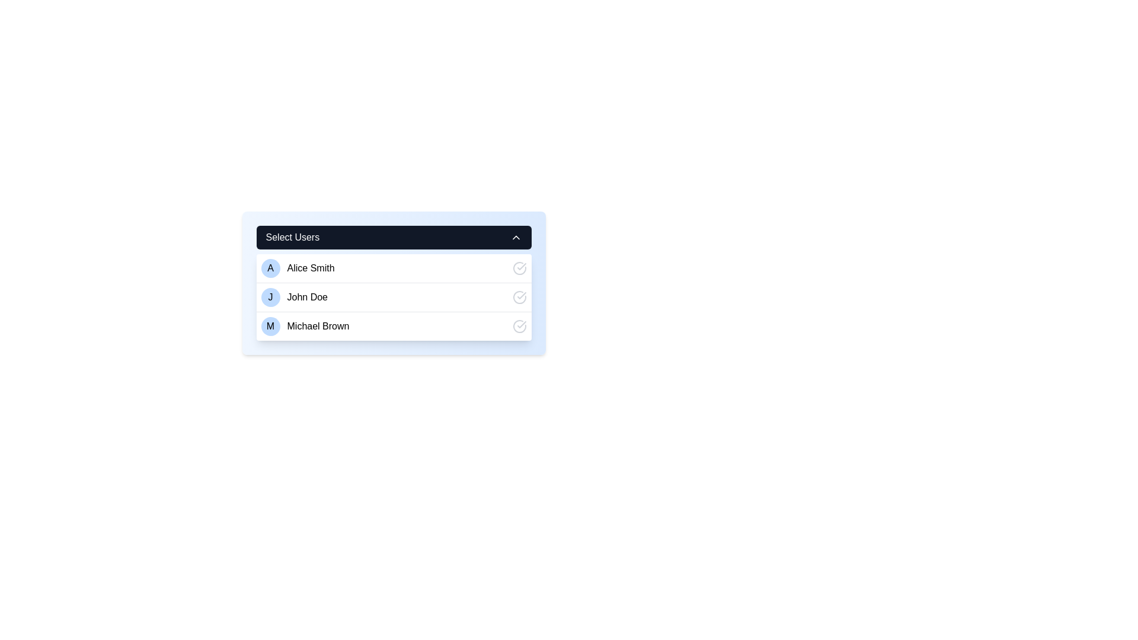  I want to click on the static text label displaying 'John Doe', located in the second row of the user selection list, to the right of the circular blue icon with the letter 'J', so click(307, 296).